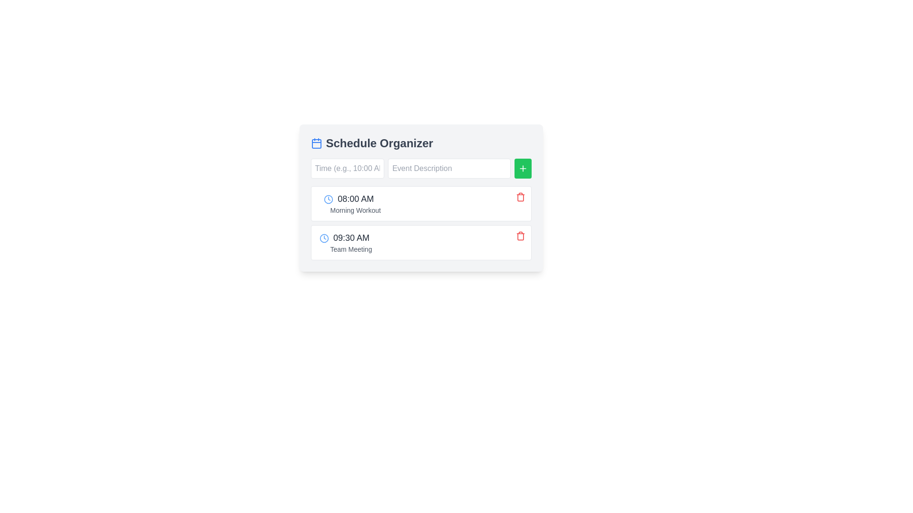 The width and height of the screenshot is (913, 513). I want to click on 'Team Meeting' label, which is displayed in a smaller, lighter gray font below the time label '09:30 AM', so click(350, 248).